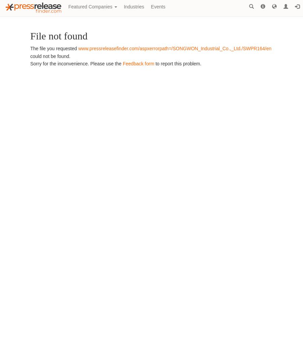  I want to click on 'Feedback form', so click(138, 63).